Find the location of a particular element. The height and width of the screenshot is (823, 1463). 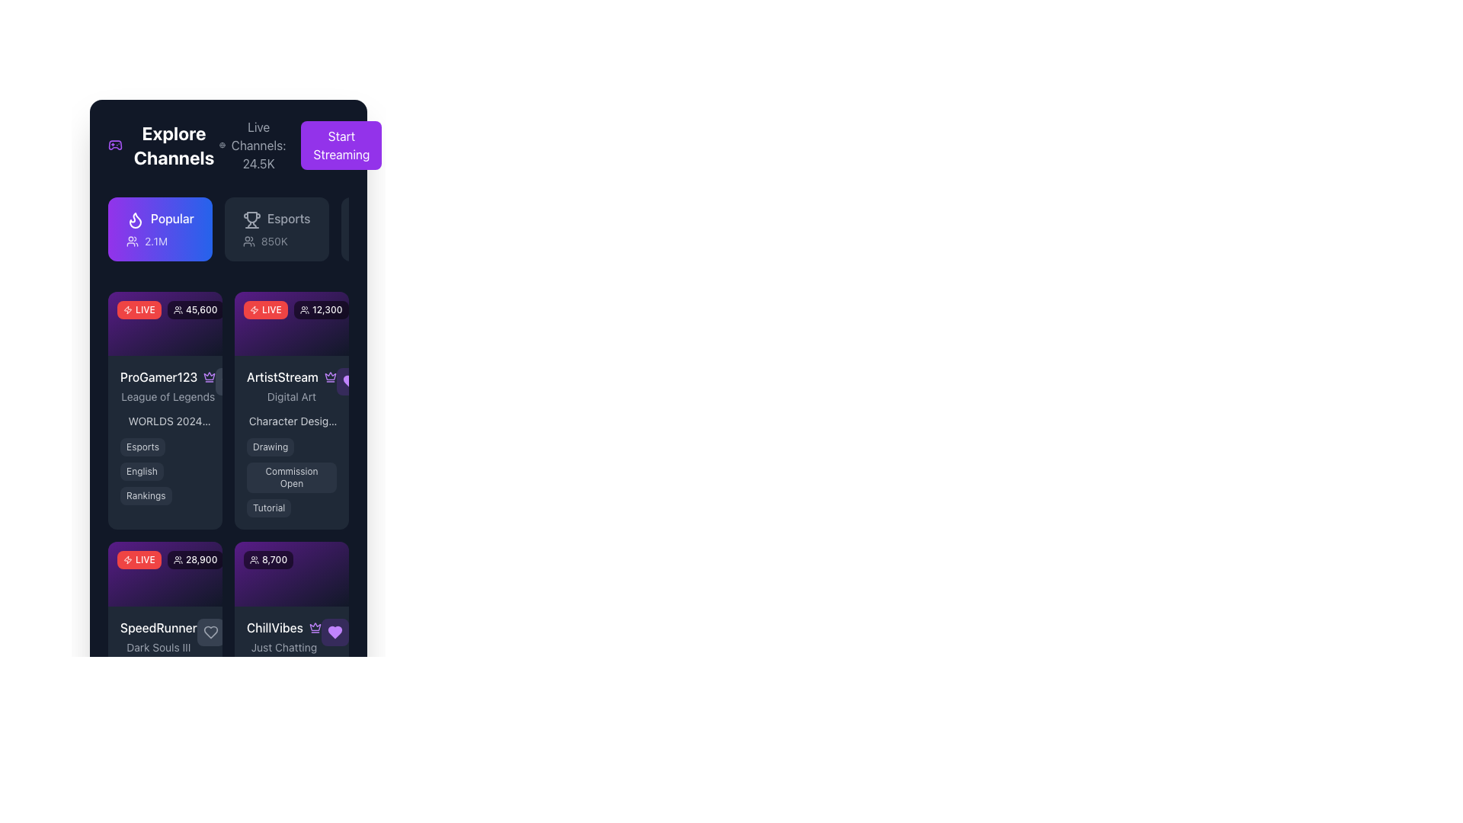

the 'Rankings' label, which is displayed in a dark gray button-like element with rounded edges, located as the third item in a vertical list of elements within a card layout is located at coordinates (146, 496).